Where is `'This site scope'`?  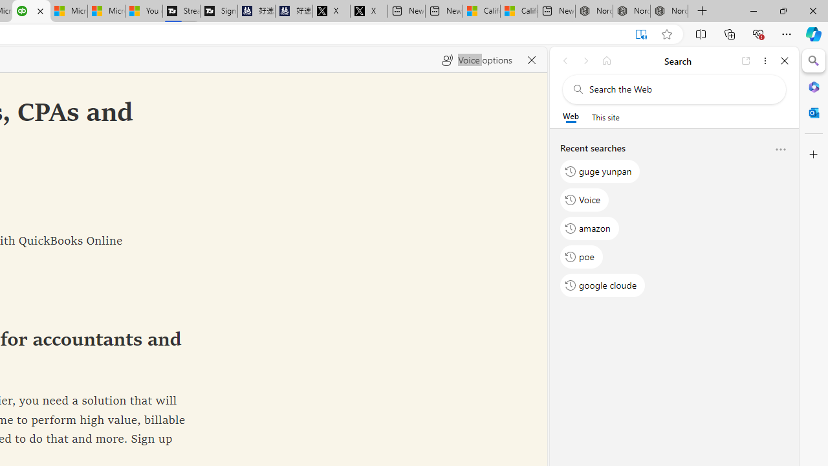 'This site scope' is located at coordinates (605, 116).